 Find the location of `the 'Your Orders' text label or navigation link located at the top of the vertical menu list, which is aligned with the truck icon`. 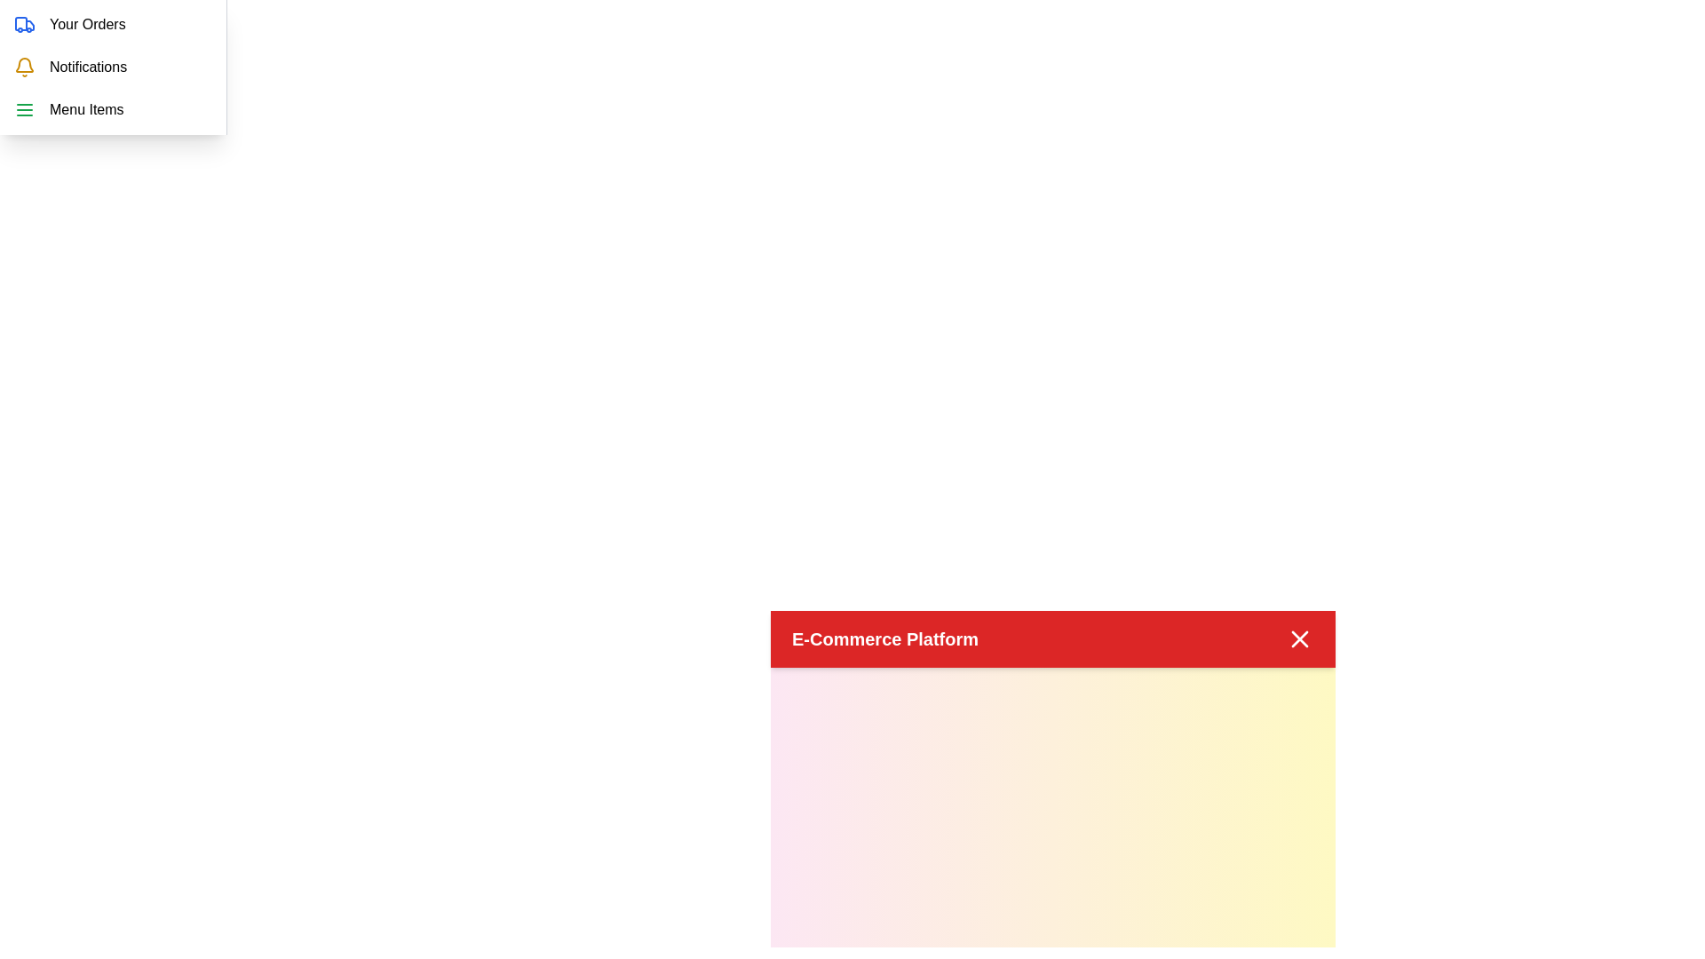

the 'Your Orders' text label or navigation link located at the top of the vertical menu list, which is aligned with the truck icon is located at coordinates (86, 24).